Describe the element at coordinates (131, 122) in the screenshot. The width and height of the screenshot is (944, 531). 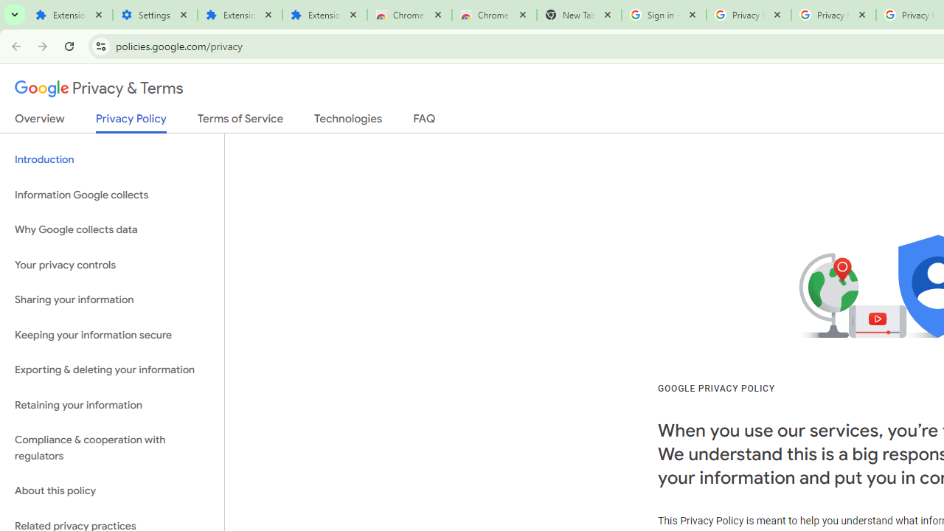
I see `'Privacy Policy'` at that location.